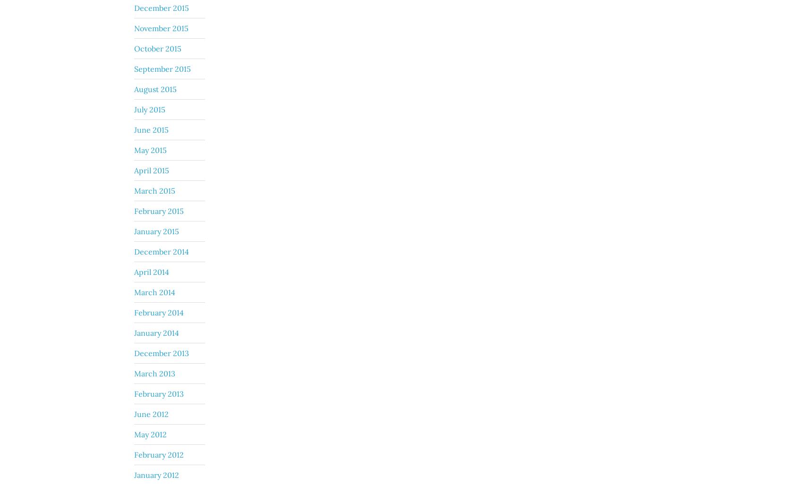  Describe the element at coordinates (159, 210) in the screenshot. I see `'February 2015'` at that location.